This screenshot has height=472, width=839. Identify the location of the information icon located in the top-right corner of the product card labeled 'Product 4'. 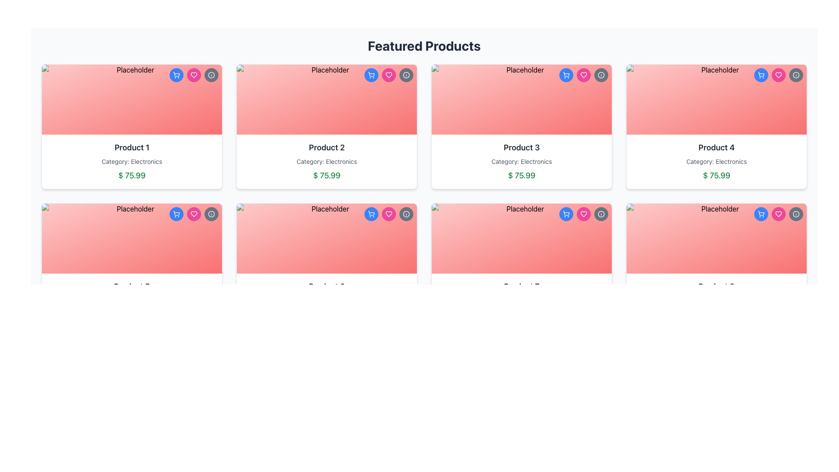
(796, 214).